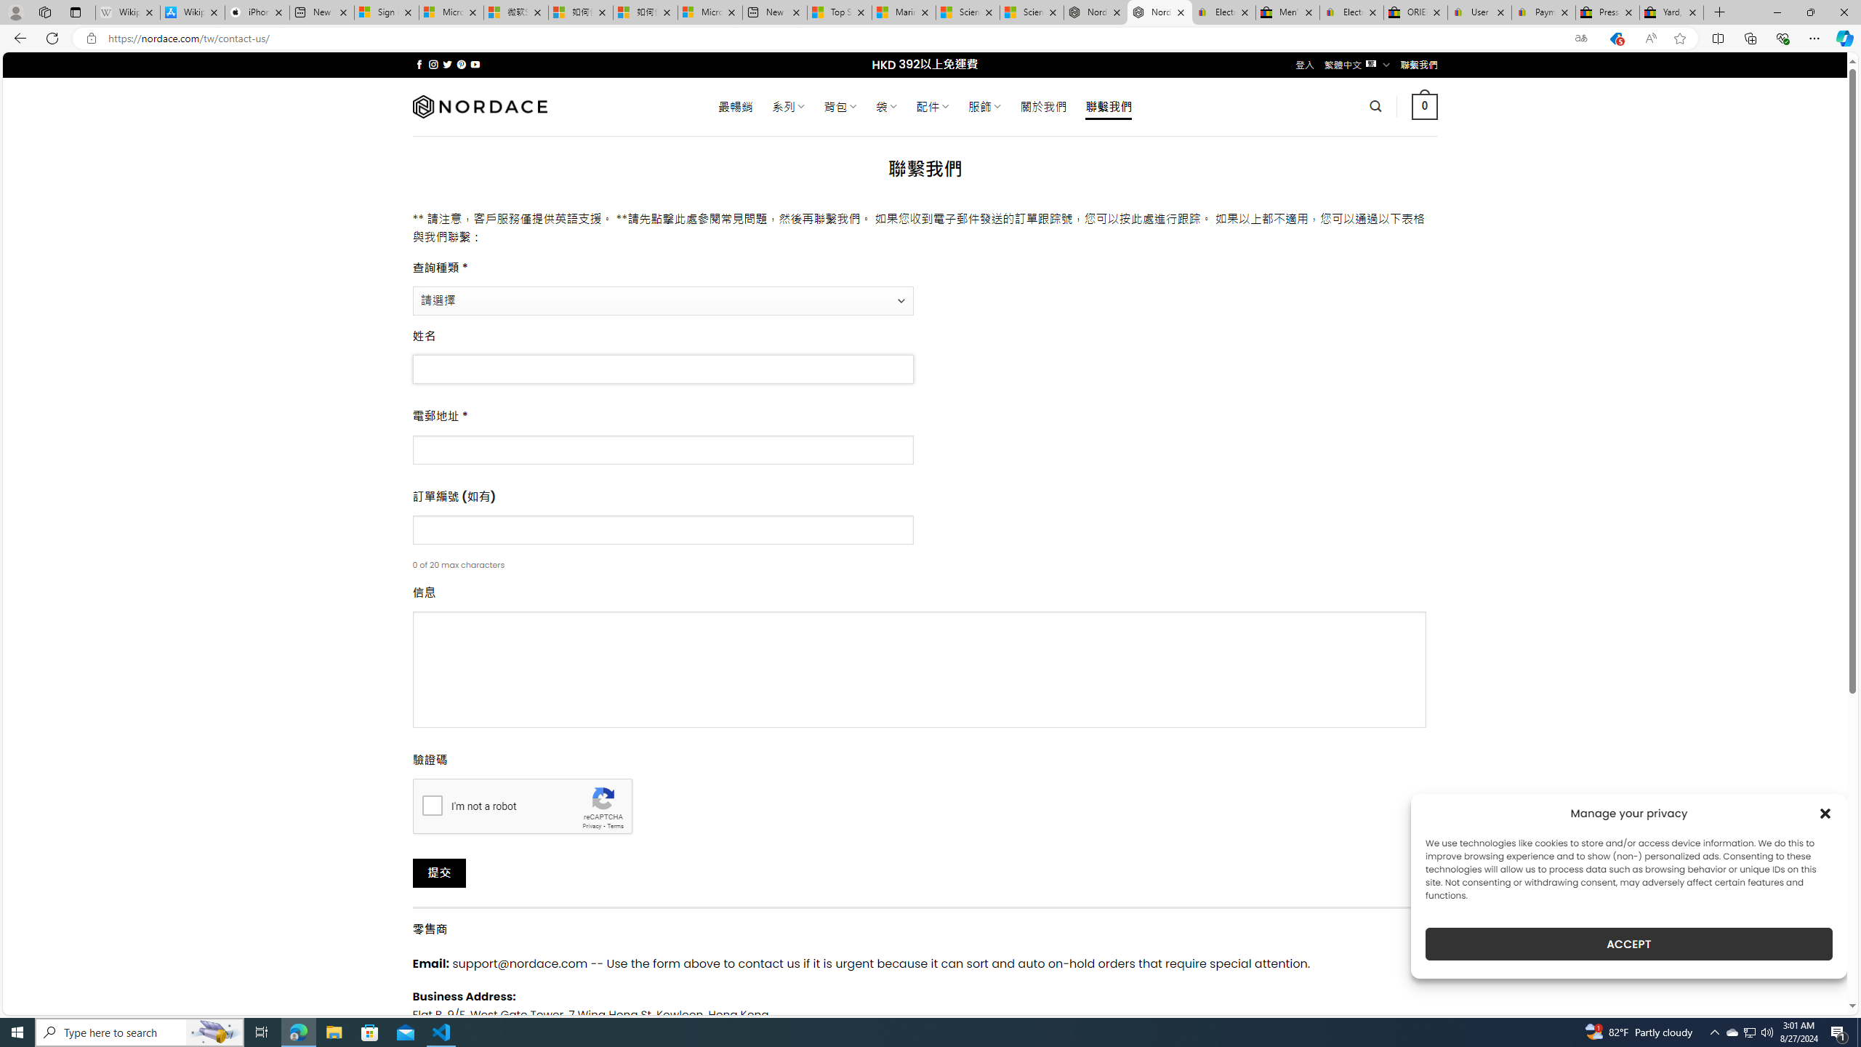  I want to click on 'Electronics, Cars, Fashion, Collectibles & More | eBay', so click(1351, 12).